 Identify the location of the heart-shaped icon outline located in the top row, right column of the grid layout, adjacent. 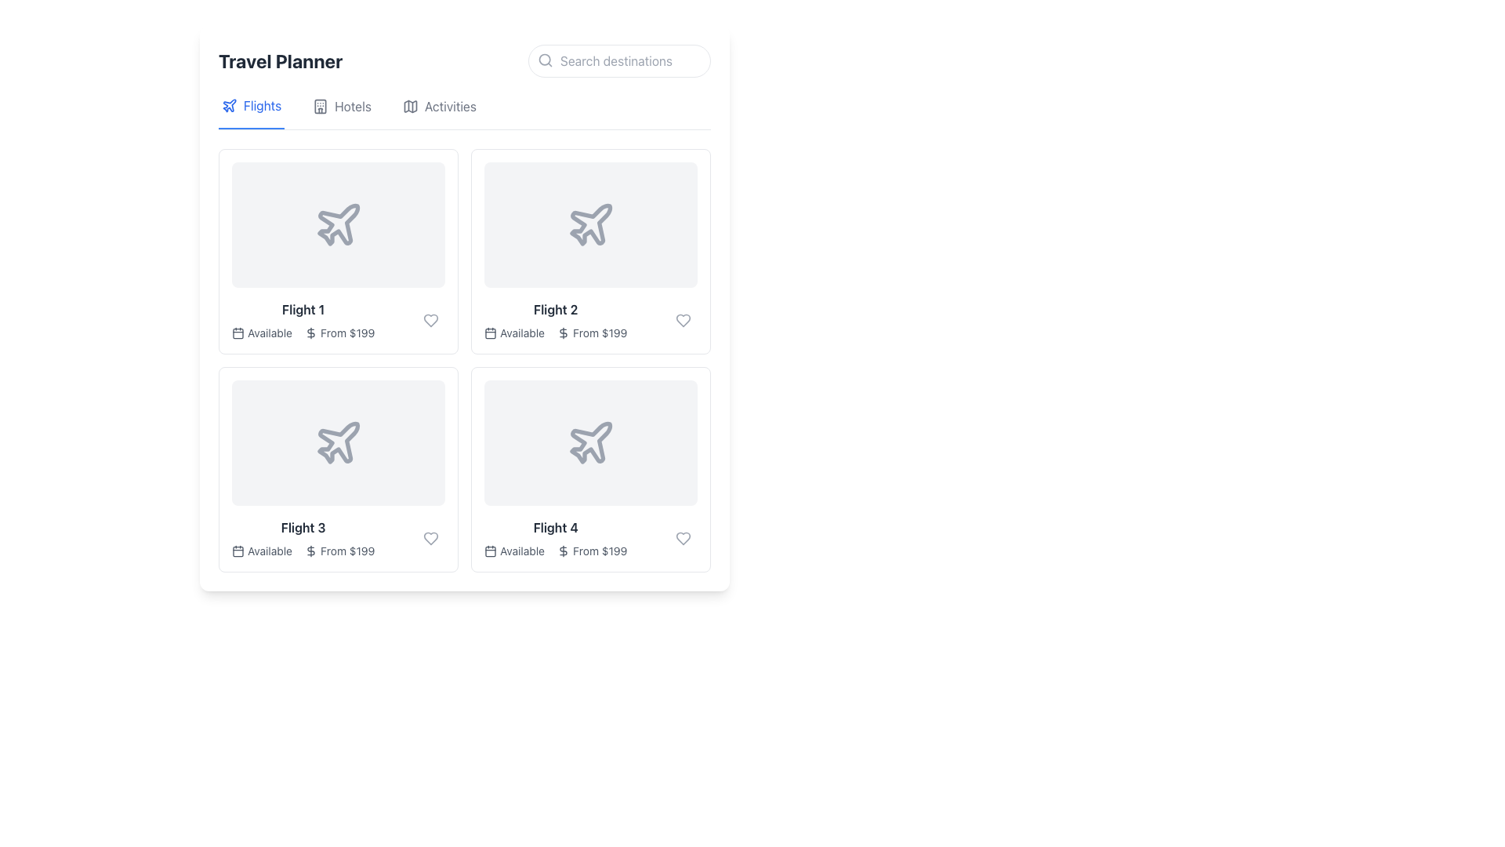
(684, 319).